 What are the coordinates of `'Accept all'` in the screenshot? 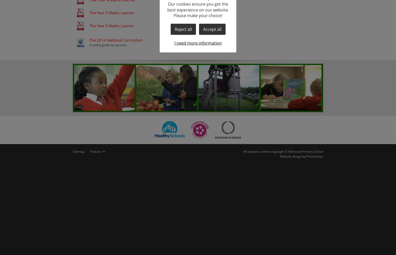 It's located at (212, 29).